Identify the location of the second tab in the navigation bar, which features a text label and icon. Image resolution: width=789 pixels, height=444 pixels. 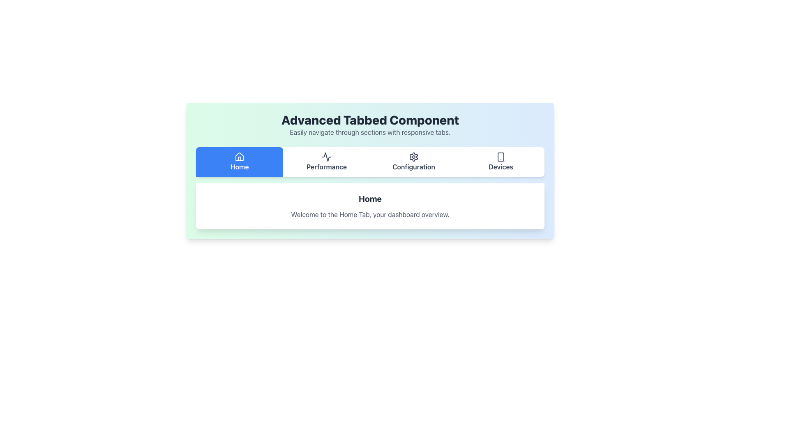
(326, 162).